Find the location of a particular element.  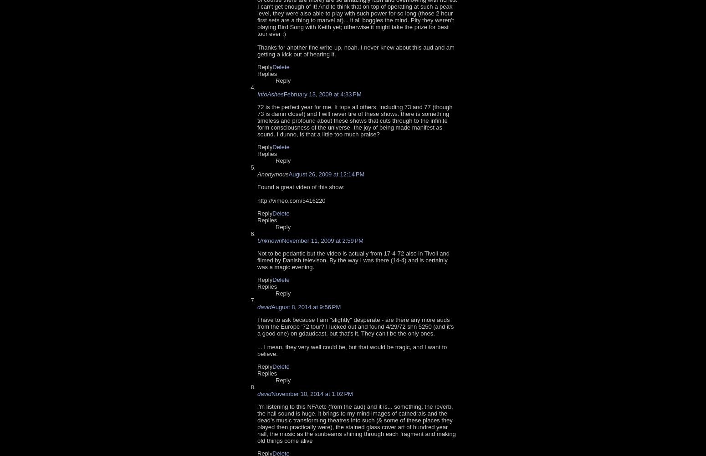

'August 8, 2014 at 9:56 PM' is located at coordinates (305, 306).